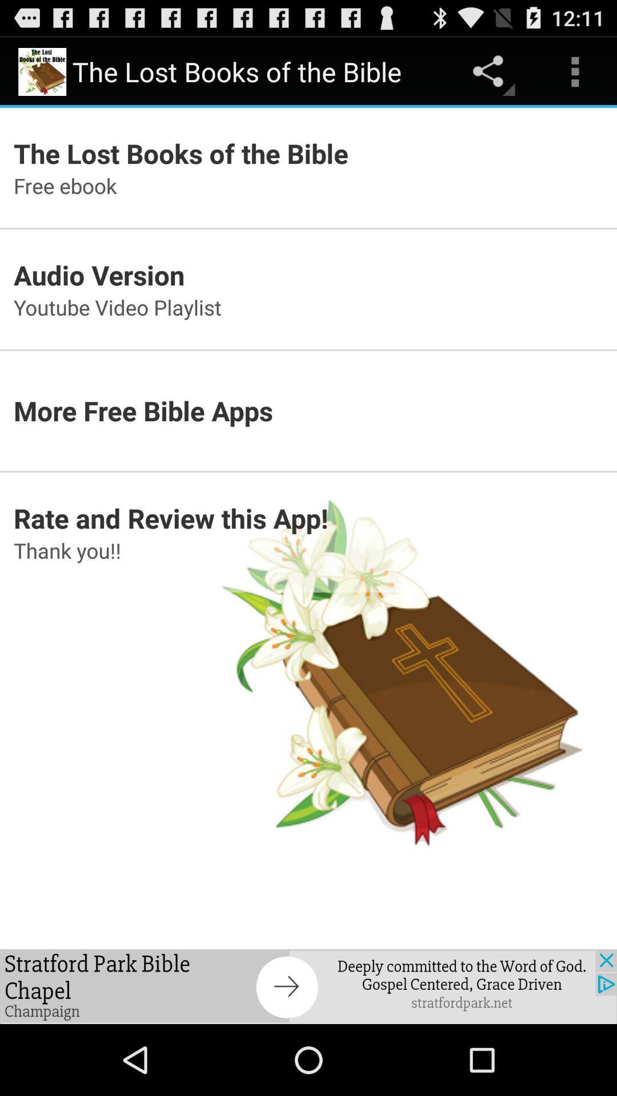 Image resolution: width=617 pixels, height=1096 pixels. I want to click on pop up advertisement, so click(308, 986).